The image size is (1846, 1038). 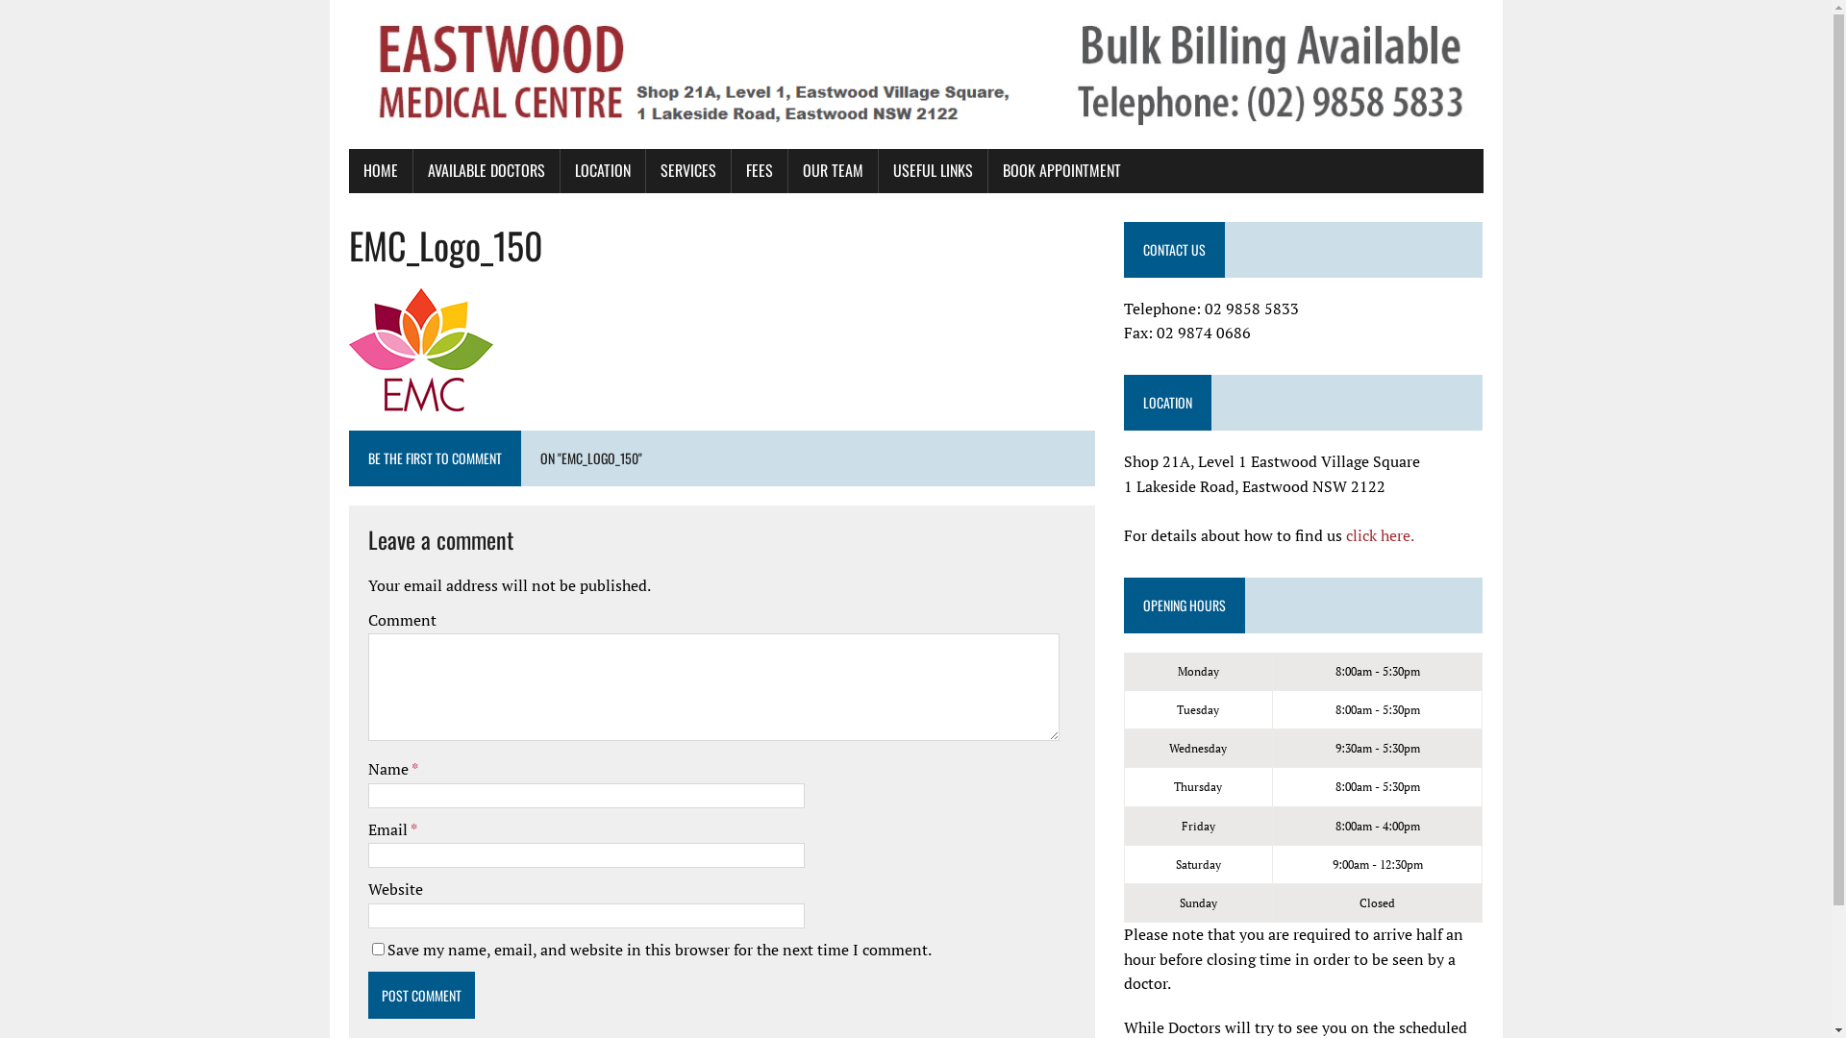 I want to click on 'AVAILABLE DOCTORS', so click(x=486, y=169).